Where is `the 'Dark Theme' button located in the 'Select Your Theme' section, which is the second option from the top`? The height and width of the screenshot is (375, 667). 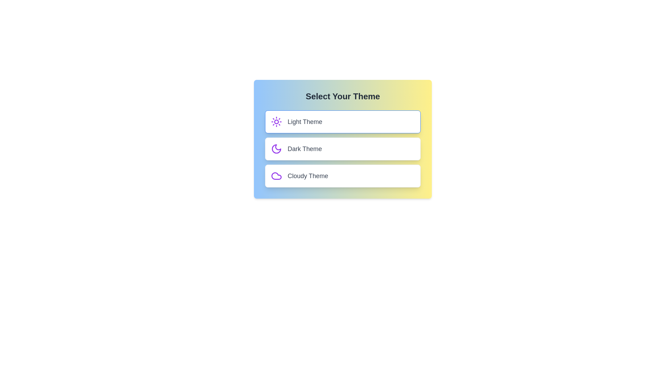
the 'Dark Theme' button located in the 'Select Your Theme' section, which is the second option from the top is located at coordinates (343, 148).